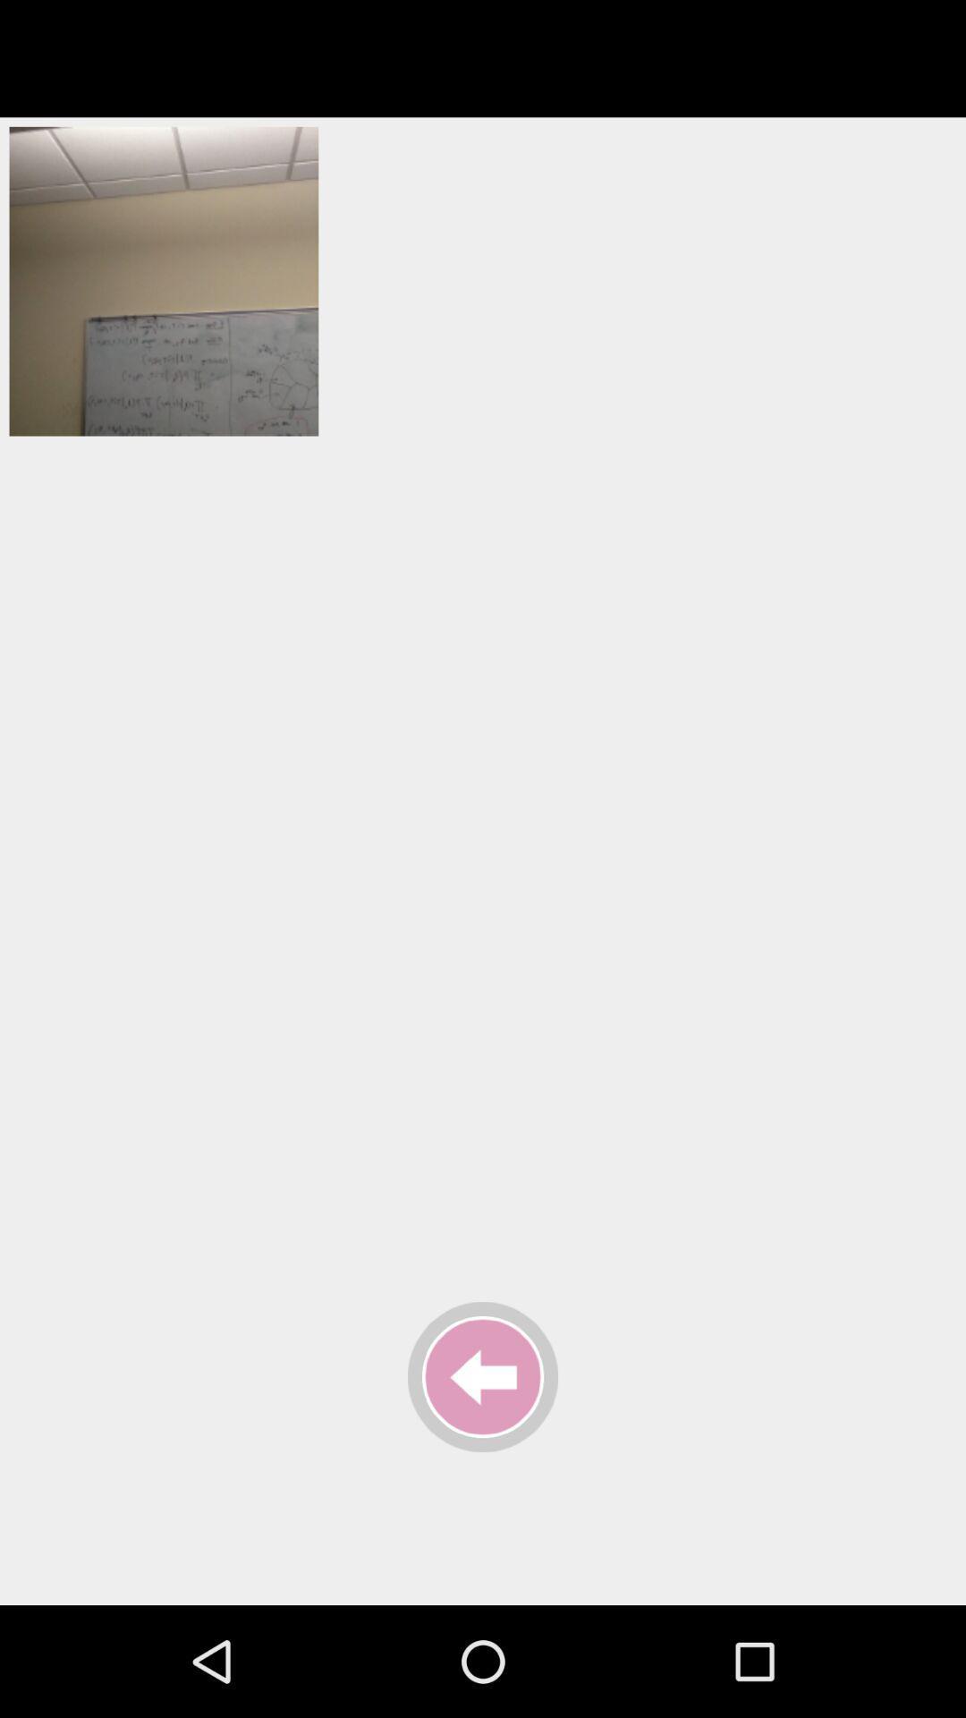 The height and width of the screenshot is (1718, 966). Describe the element at coordinates (483, 1376) in the screenshot. I see `go back` at that location.